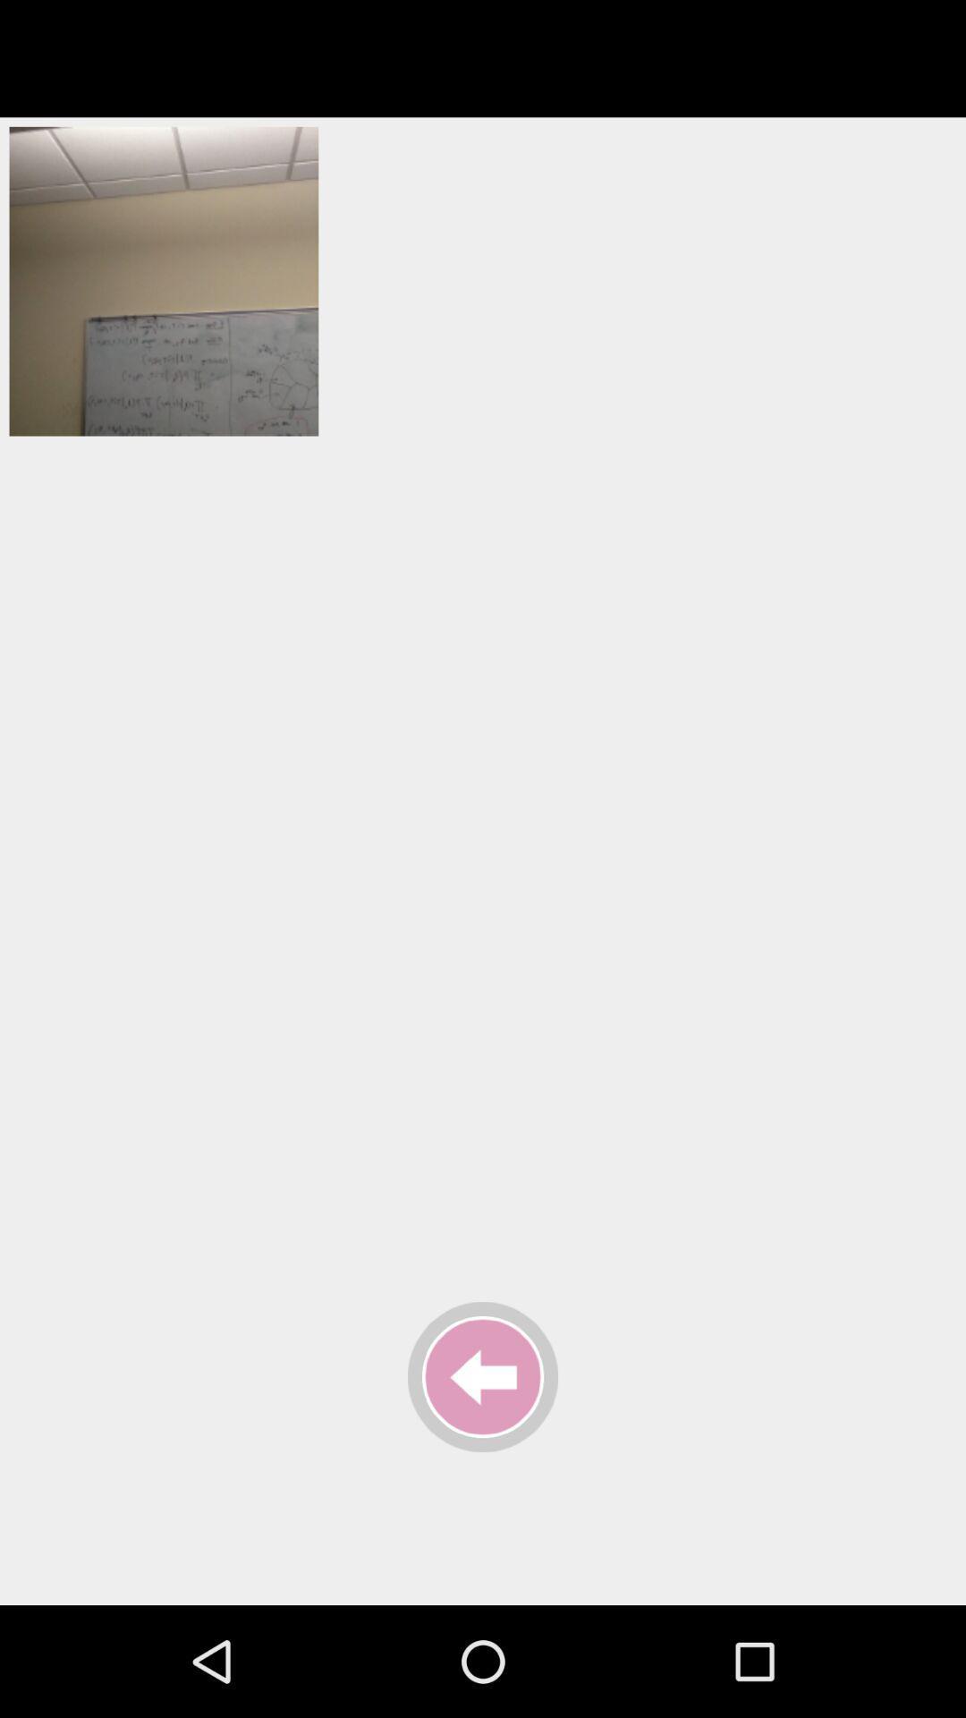 The height and width of the screenshot is (1718, 966). Describe the element at coordinates (483, 1376) in the screenshot. I see `go back` at that location.